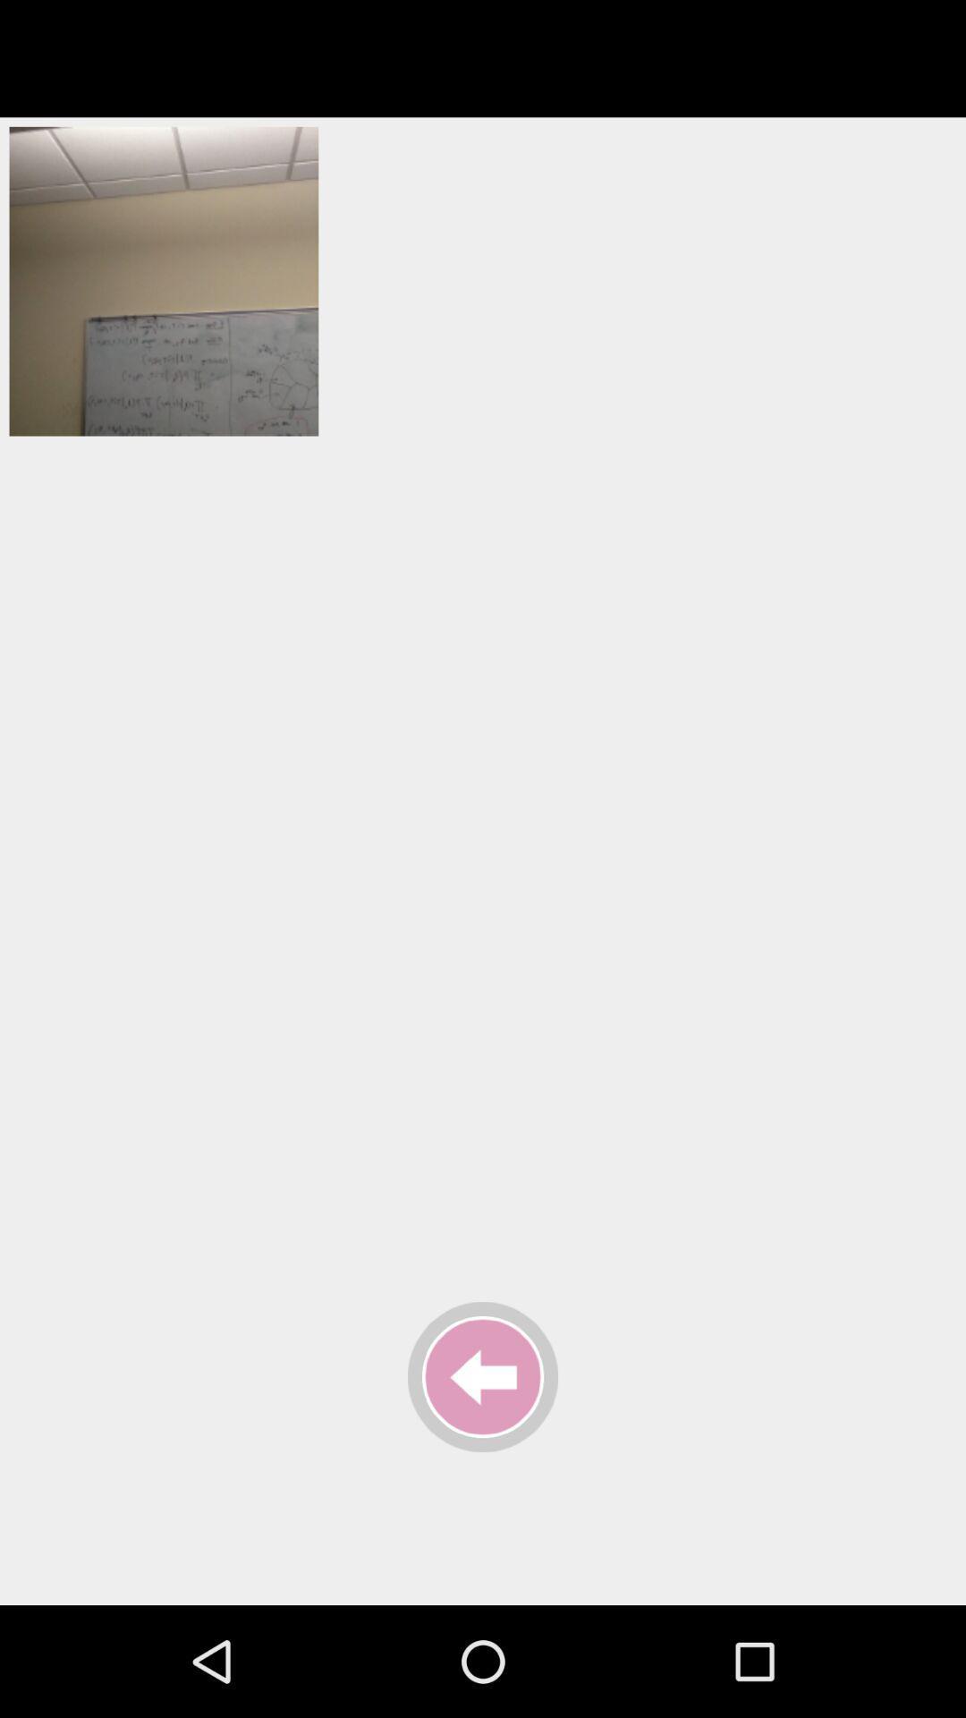 The height and width of the screenshot is (1718, 966). Describe the element at coordinates (483, 1376) in the screenshot. I see `go back` at that location.